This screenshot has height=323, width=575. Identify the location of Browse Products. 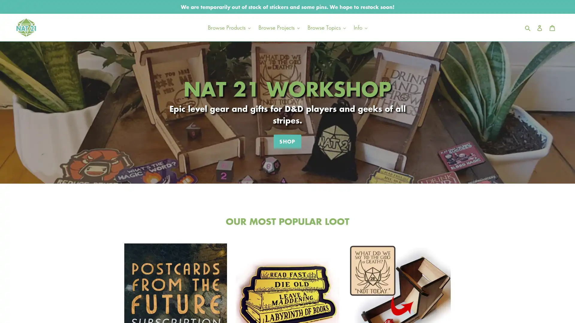
(229, 27).